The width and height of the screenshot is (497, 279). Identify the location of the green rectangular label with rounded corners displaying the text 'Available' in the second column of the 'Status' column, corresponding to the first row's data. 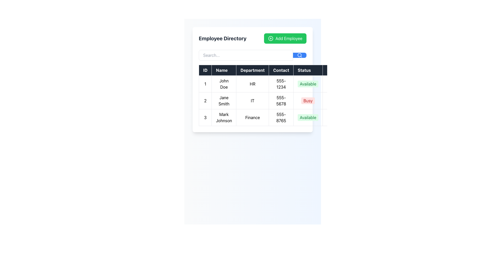
(308, 83).